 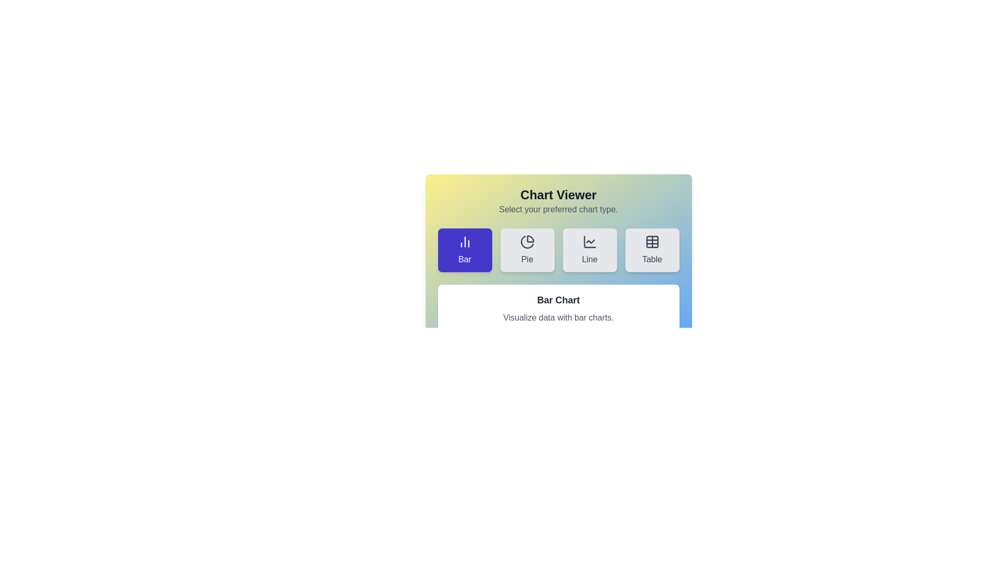 I want to click on one of the buttons in the chart type selection bar located in the 'Chart Viewer' section, so click(x=558, y=250).